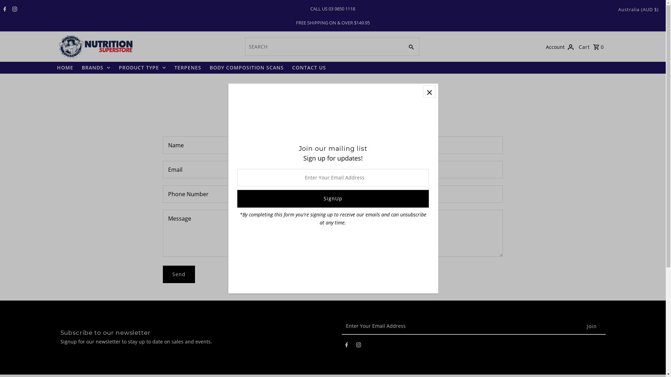 Image resolution: width=671 pixels, height=377 pixels. Describe the element at coordinates (65, 67) in the screenshot. I see `'HOME'` at that location.